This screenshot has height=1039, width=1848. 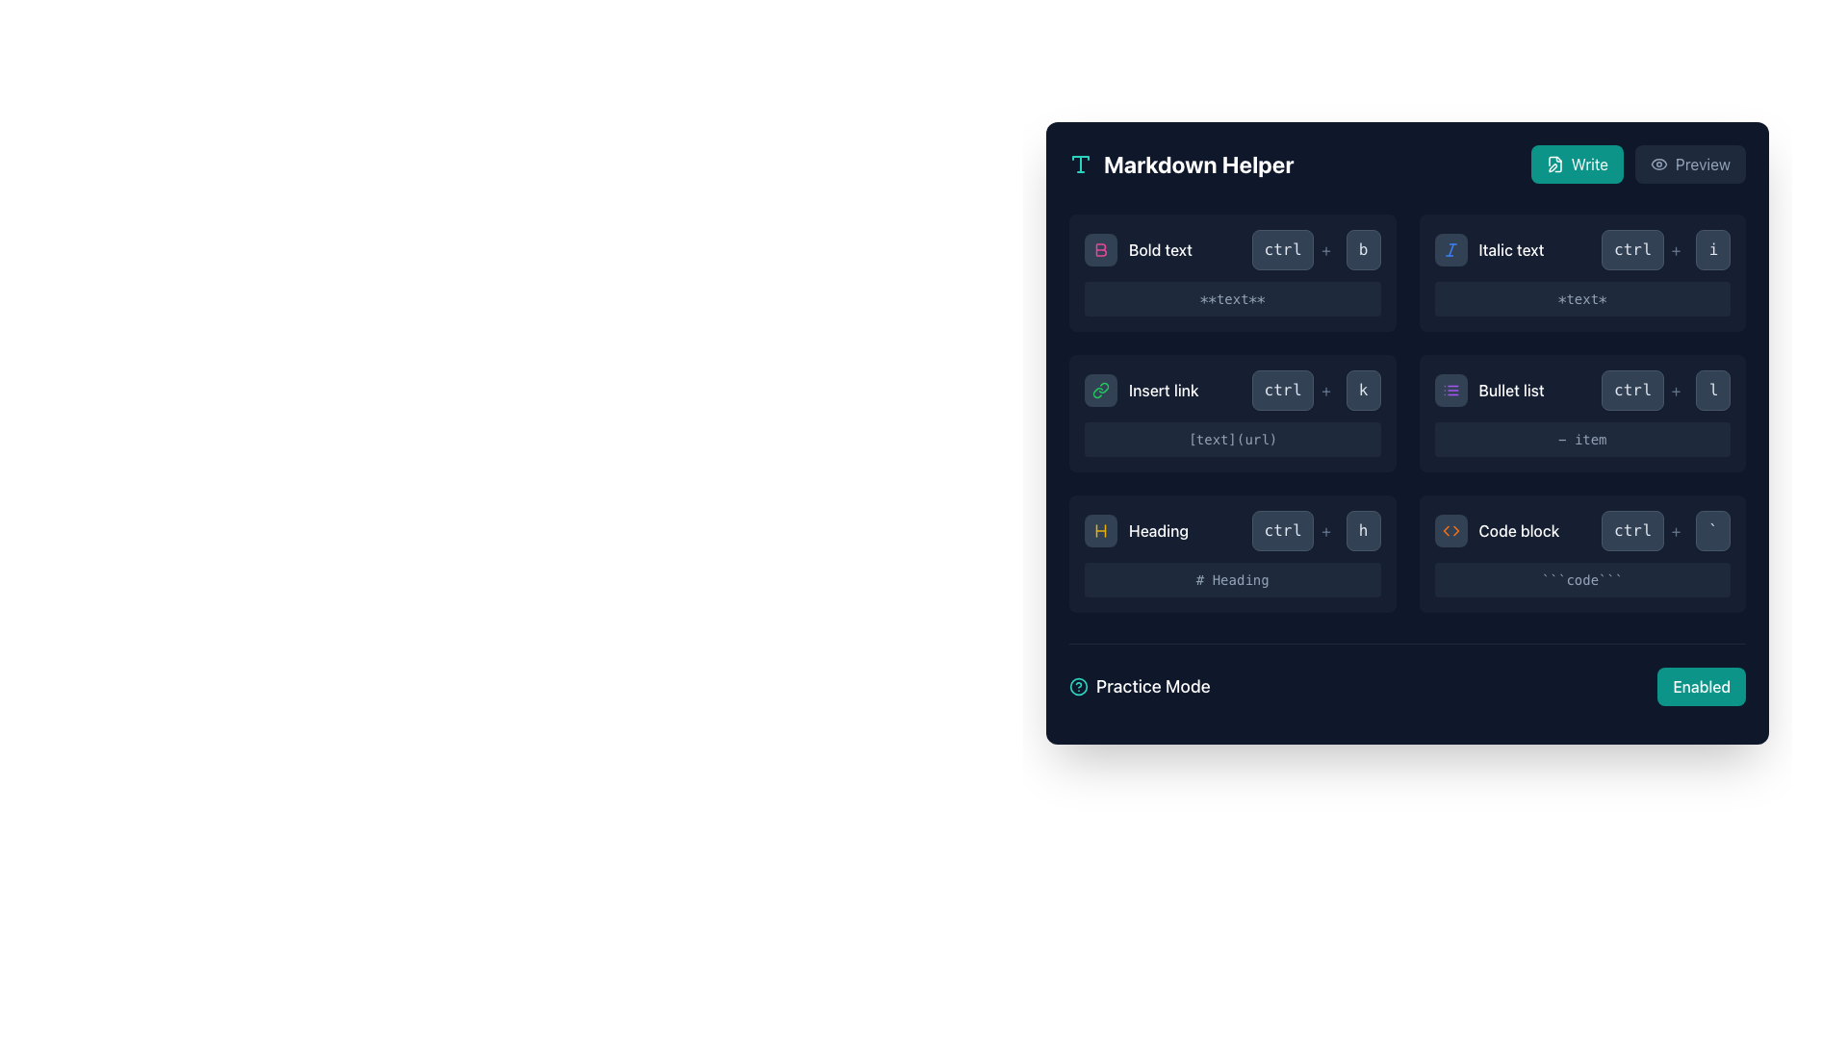 I want to click on the 'Heading' button in the 'Markdown Helper' section to apply heading formatting in the markdown editor, so click(x=1100, y=530).